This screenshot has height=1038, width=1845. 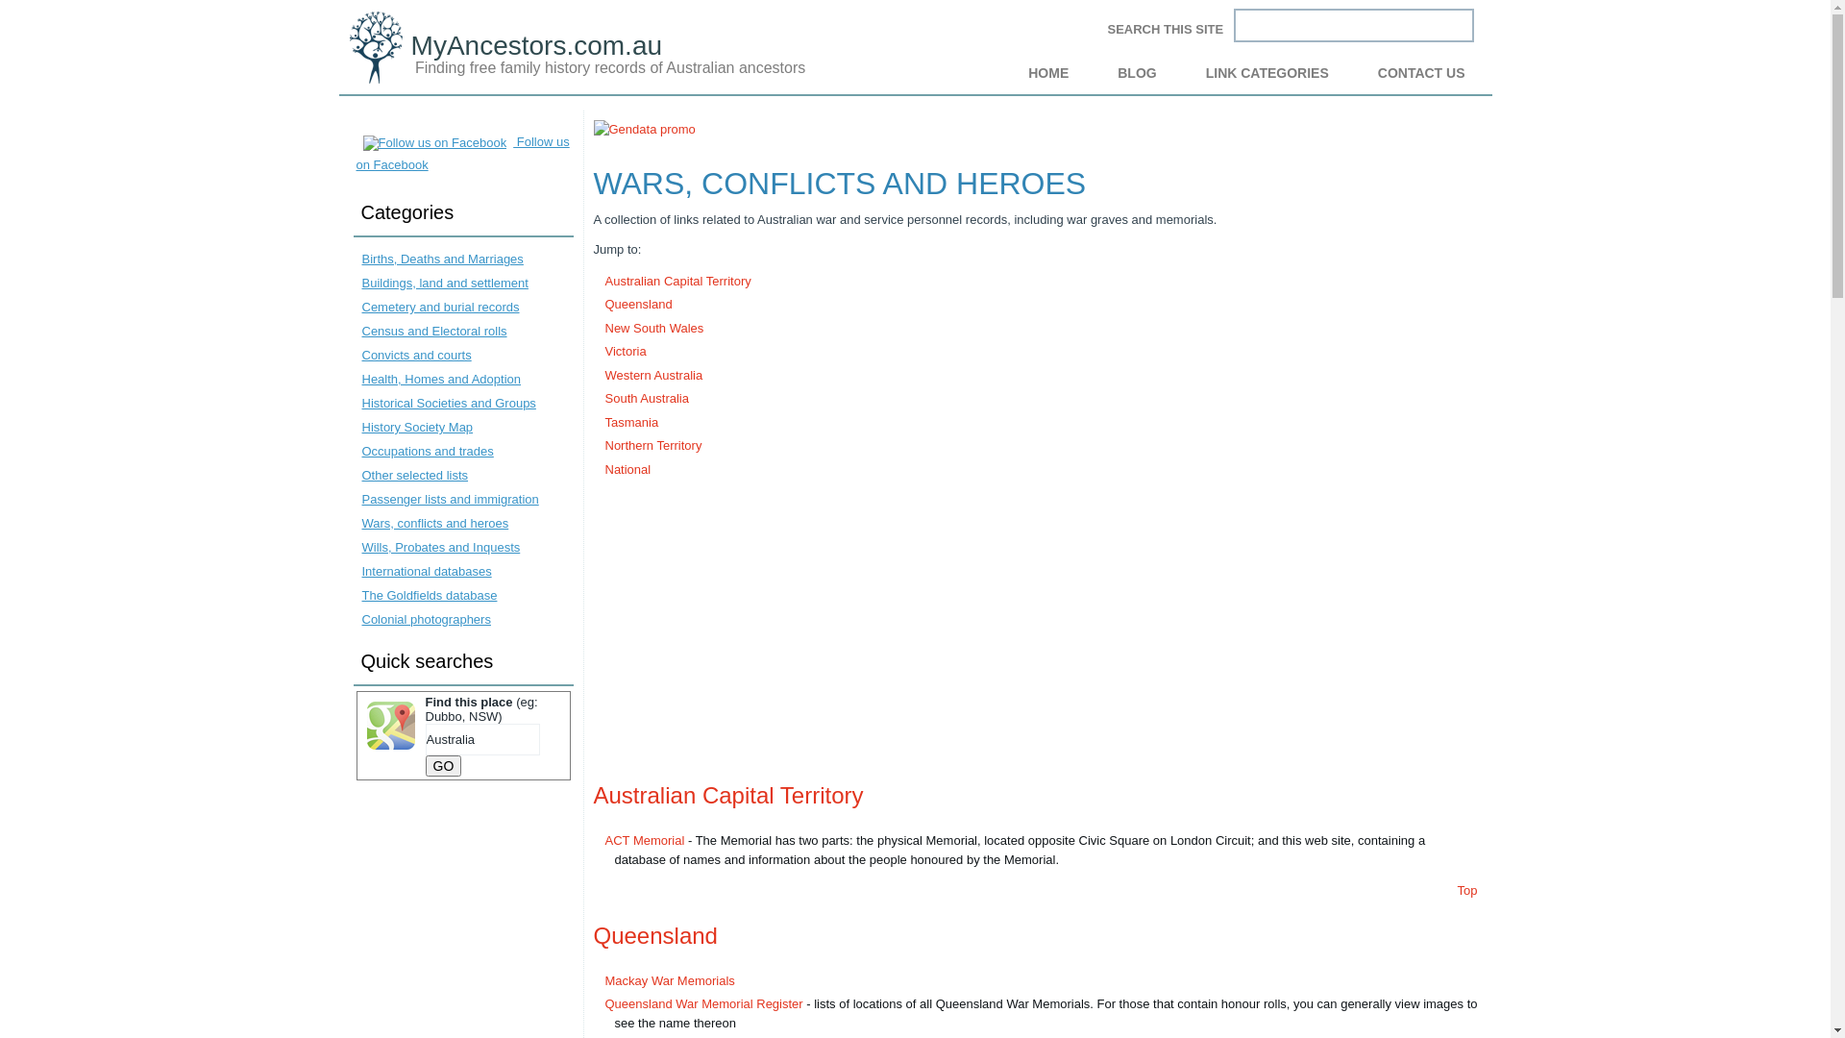 I want to click on 'Census and Electoral rolls', so click(x=432, y=330).